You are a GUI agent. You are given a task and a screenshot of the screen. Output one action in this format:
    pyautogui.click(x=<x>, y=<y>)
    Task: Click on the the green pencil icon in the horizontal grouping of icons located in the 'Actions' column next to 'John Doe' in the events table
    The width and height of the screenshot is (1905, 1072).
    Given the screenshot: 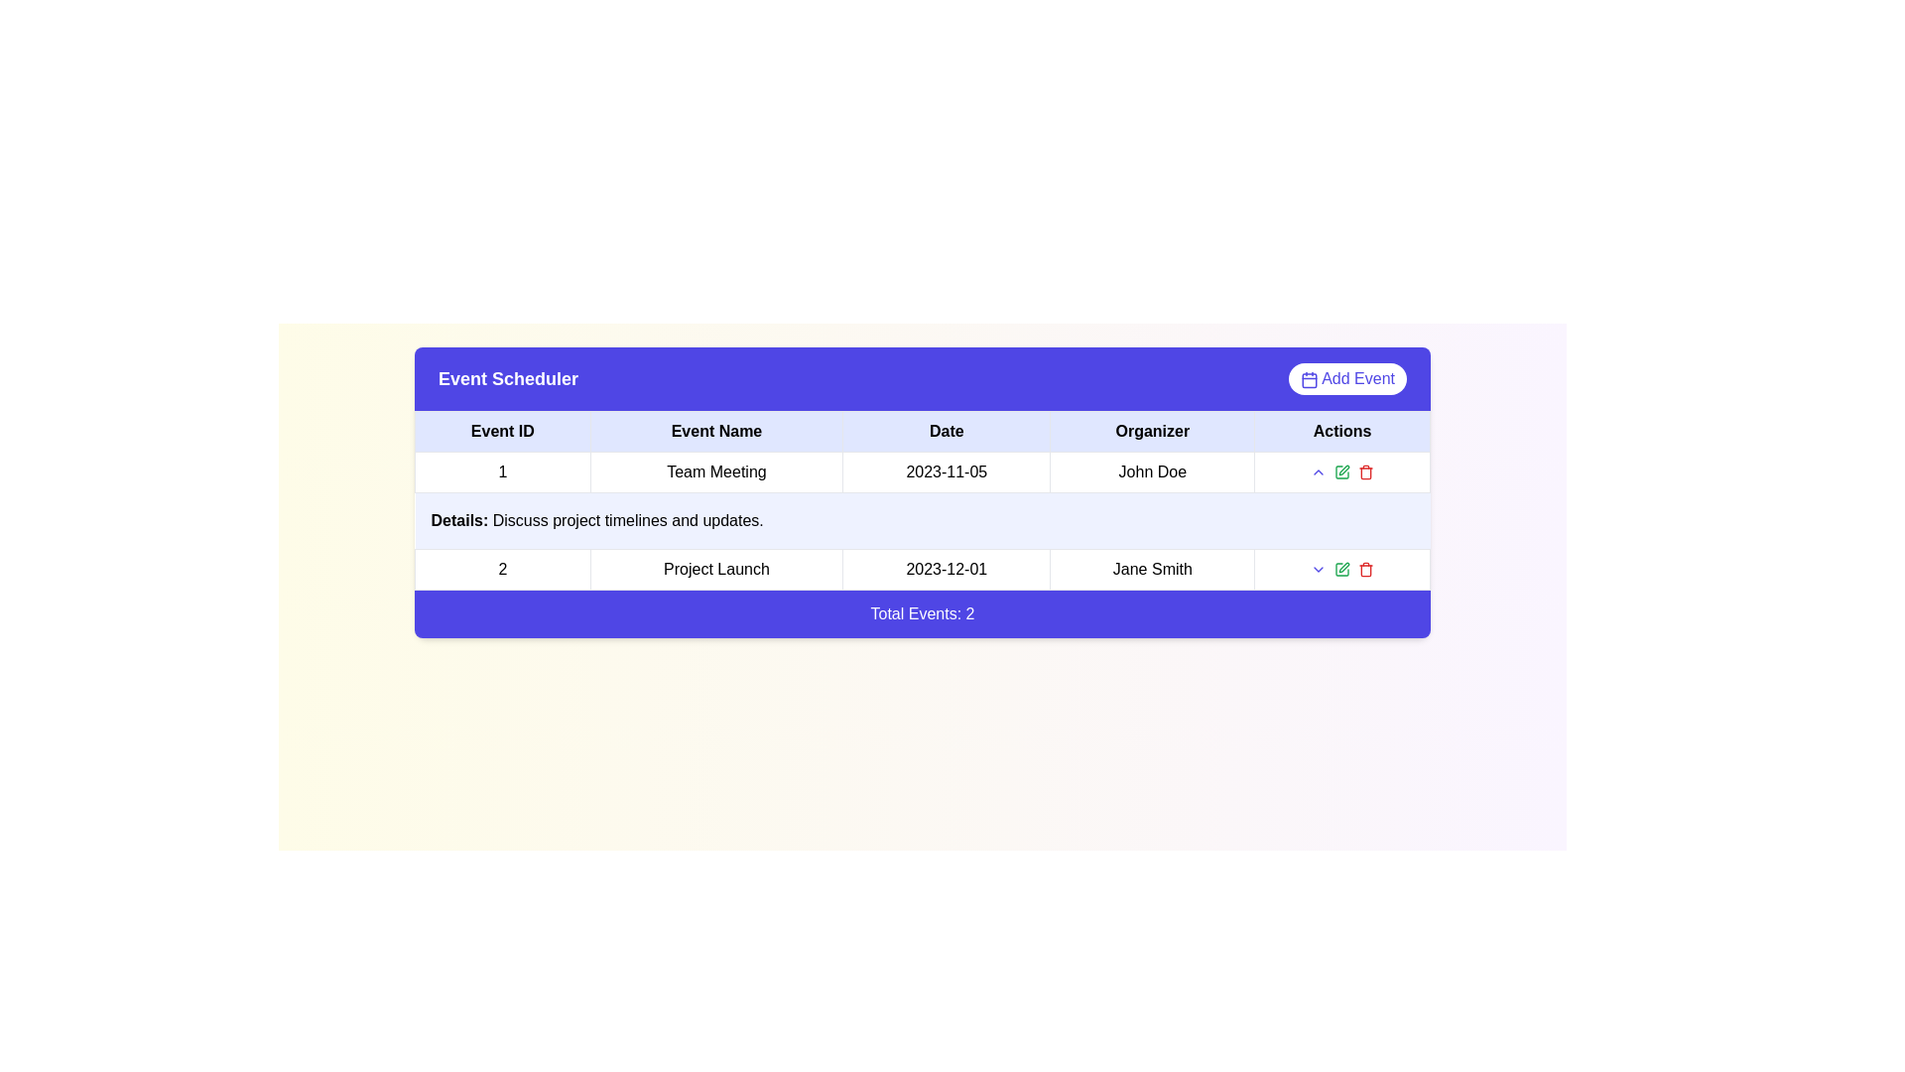 What is the action you would take?
    pyautogui.click(x=1342, y=471)
    